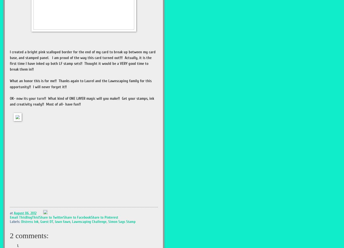  Describe the element at coordinates (32, 217) in the screenshot. I see `'BlogThis!'` at that location.